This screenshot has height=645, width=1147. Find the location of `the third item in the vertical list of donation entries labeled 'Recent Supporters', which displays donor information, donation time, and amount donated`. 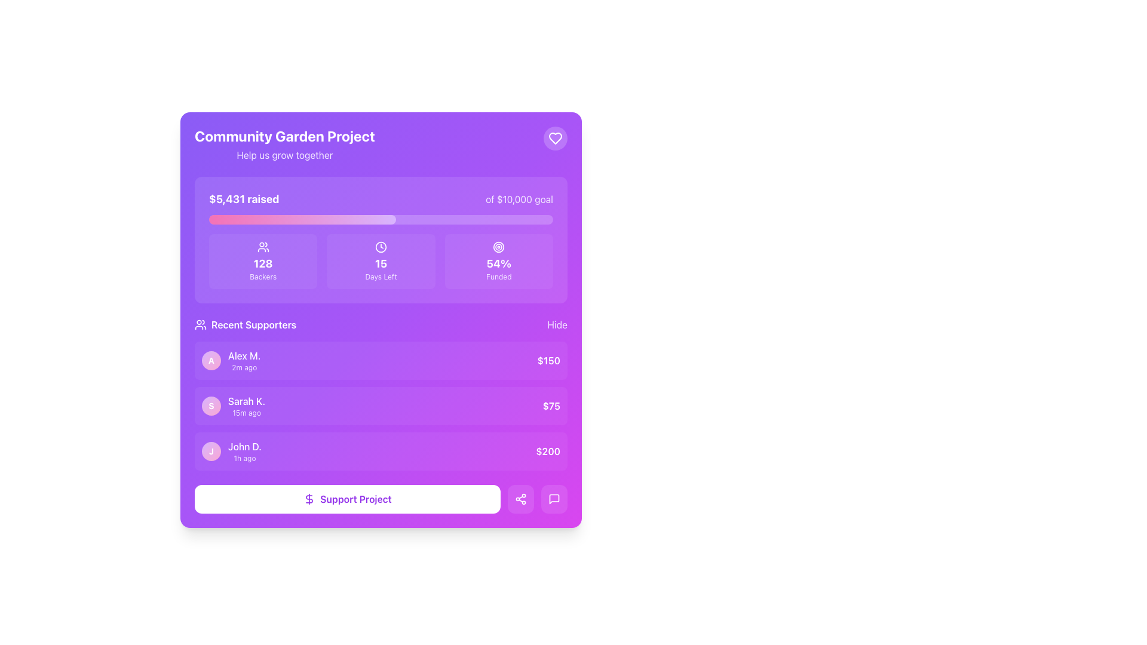

the third item in the vertical list of donation entries labeled 'Recent Supporters', which displays donor information, donation time, and amount donated is located at coordinates (381, 451).